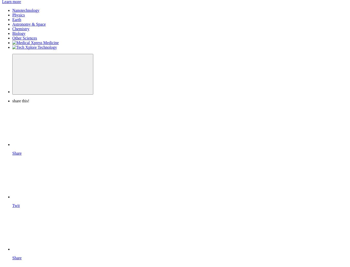 The height and width of the screenshot is (267, 350). Describe the element at coordinates (19, 33) in the screenshot. I see `'Biology'` at that location.